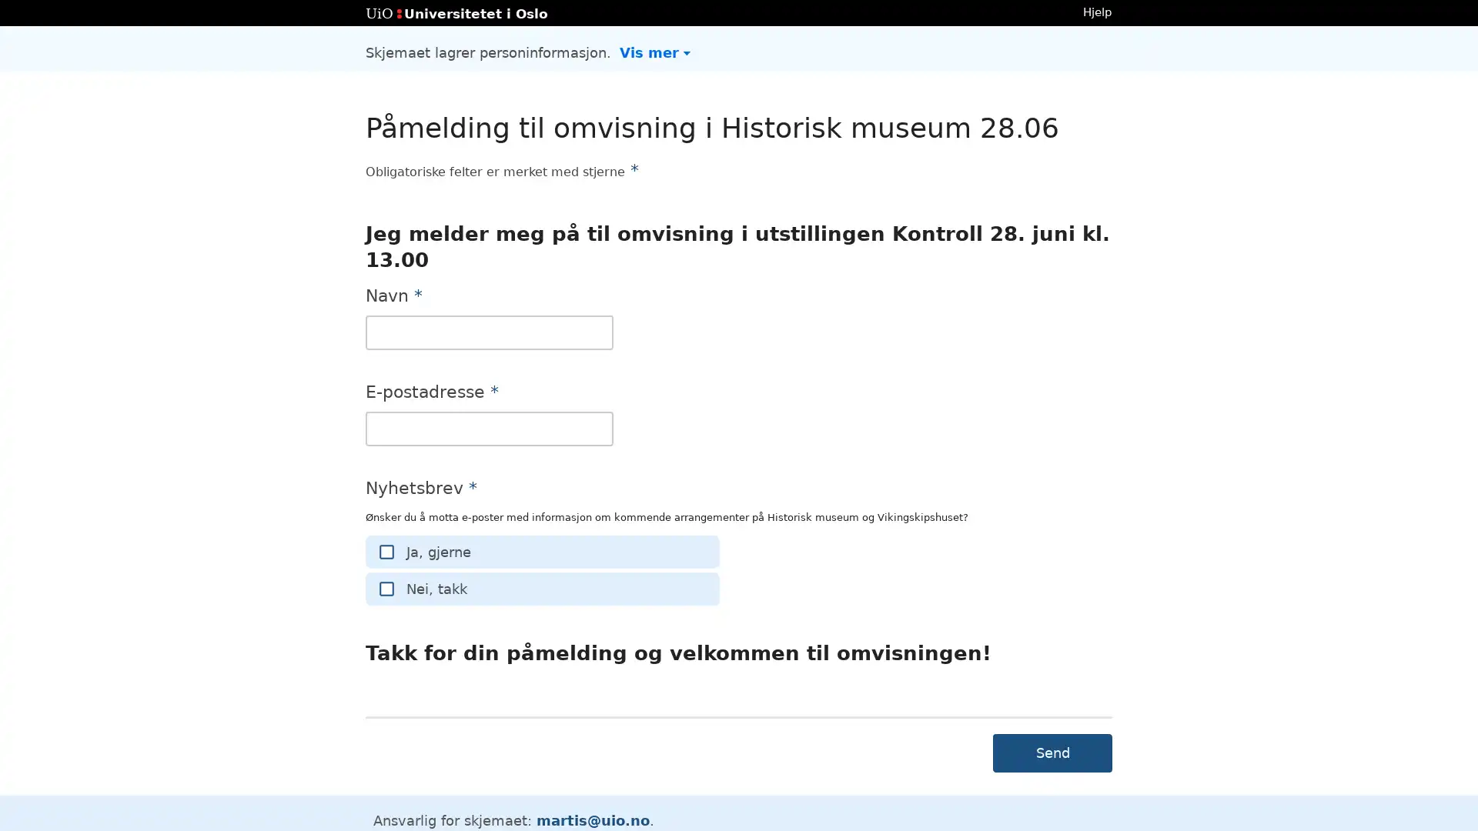  Describe the element at coordinates (1052, 753) in the screenshot. I see `Send` at that location.